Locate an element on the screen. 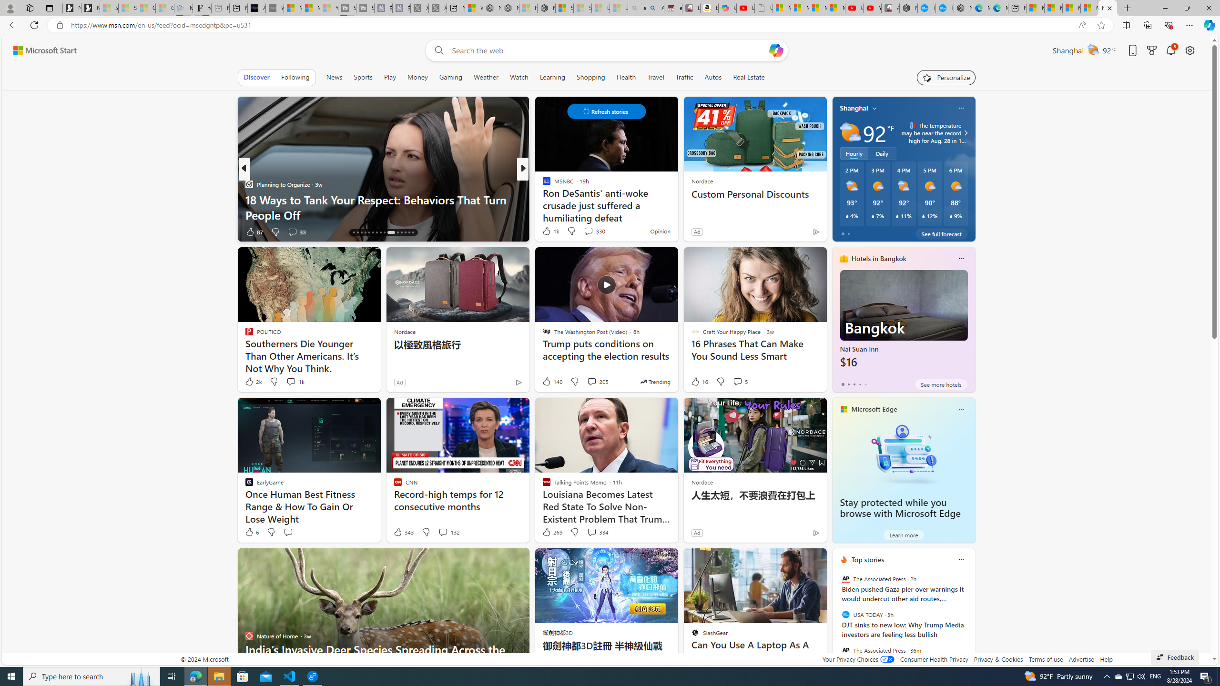 The height and width of the screenshot is (686, 1220). 'AutomationID: tab-25' is located at coordinates (390, 232).